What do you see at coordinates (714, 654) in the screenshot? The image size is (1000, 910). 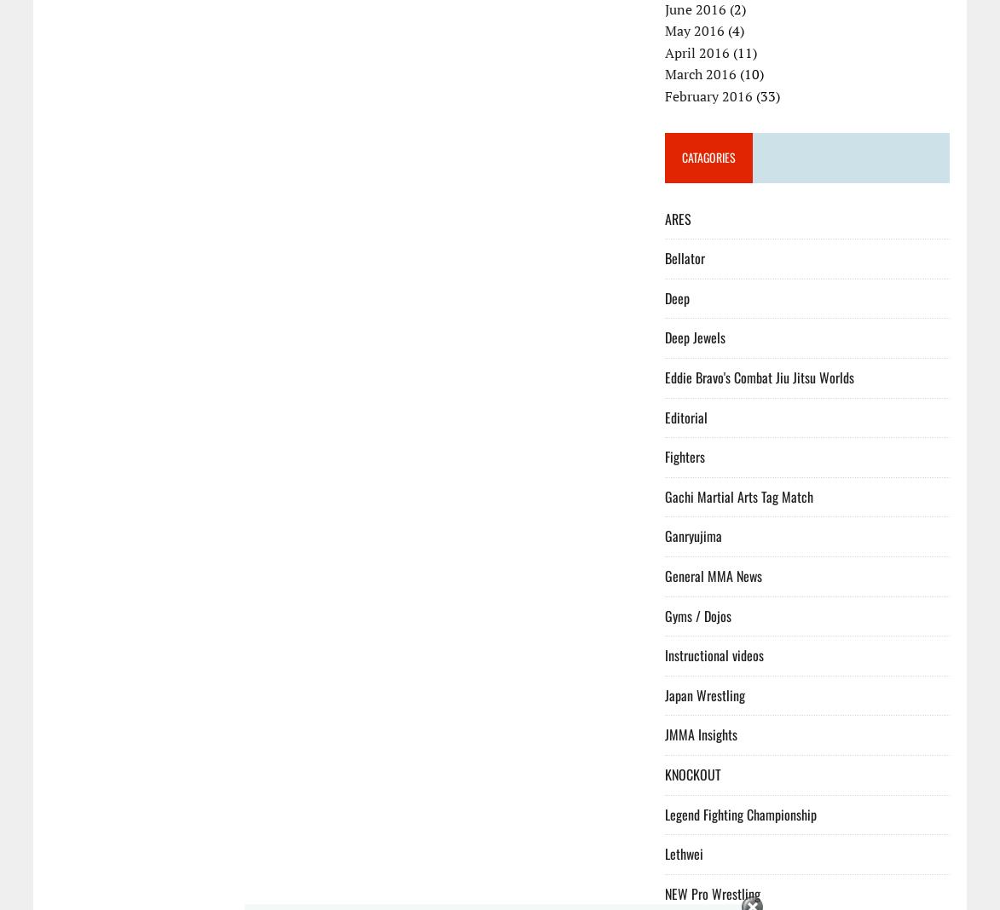 I see `'Instructional videos'` at bounding box center [714, 654].